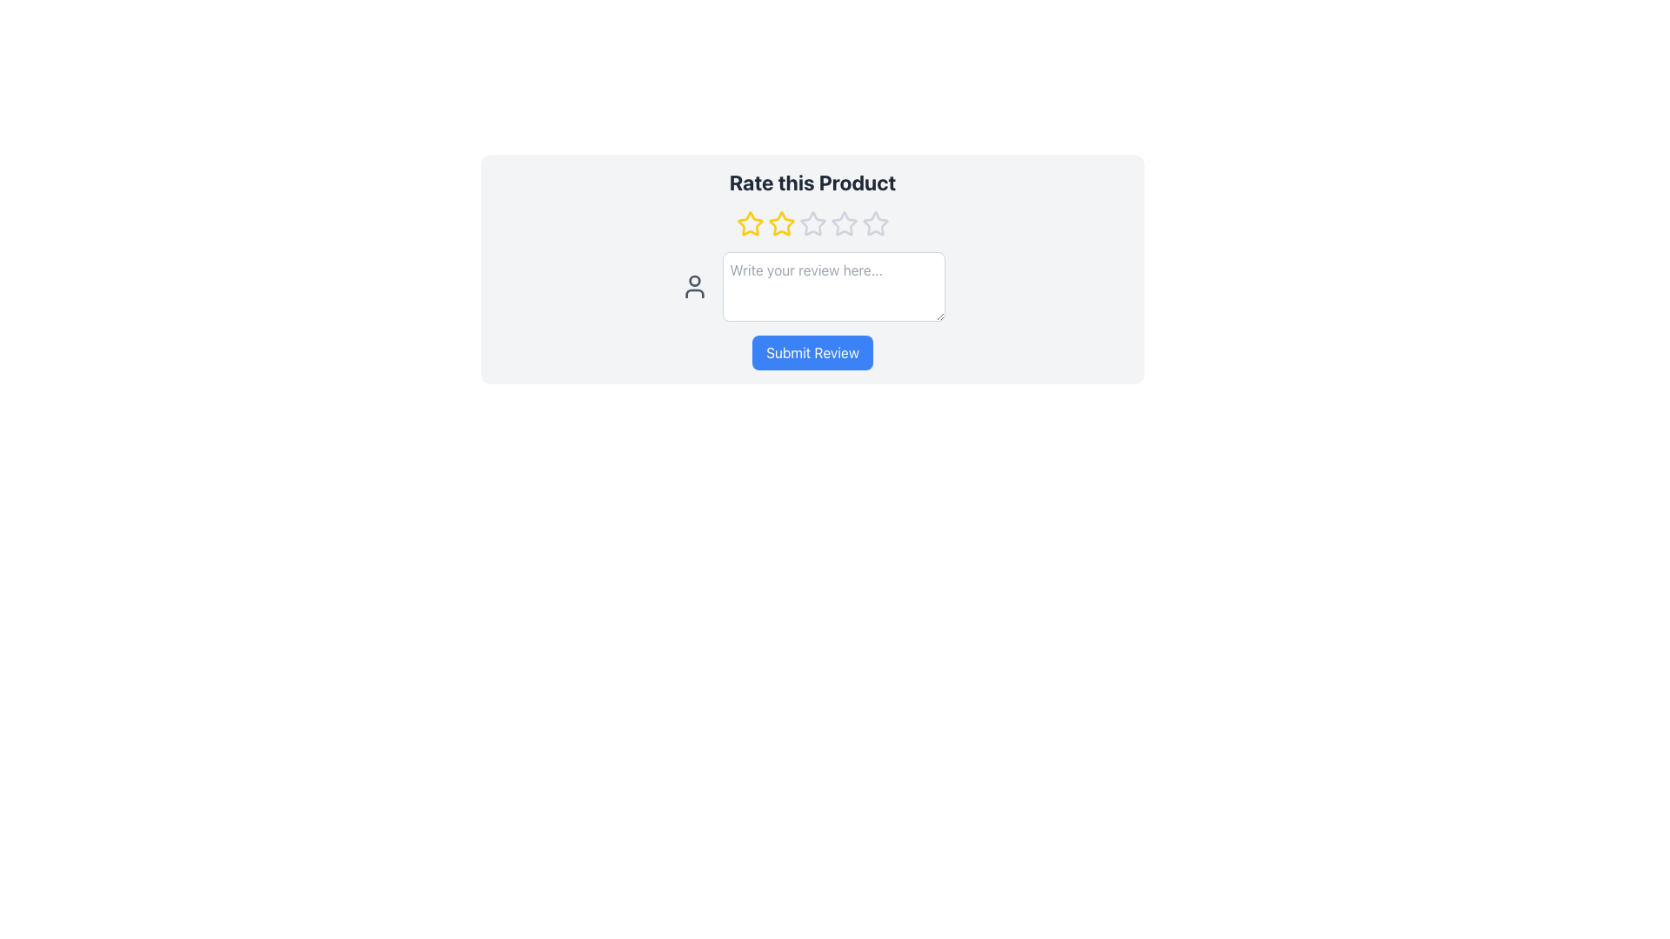  What do you see at coordinates (780, 223) in the screenshot?
I see `the second star in the rating component` at bounding box center [780, 223].